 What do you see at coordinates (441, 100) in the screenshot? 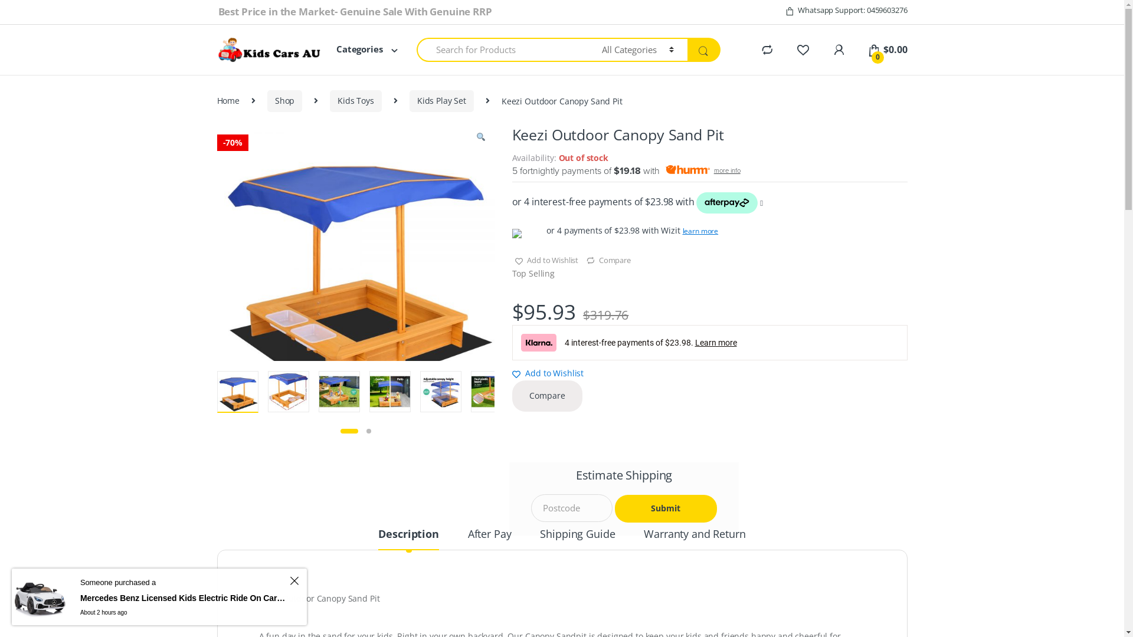
I see `'Kids Play Set'` at bounding box center [441, 100].